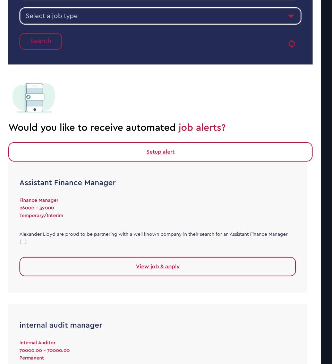 Image resolution: width=332 pixels, height=364 pixels. Describe the element at coordinates (153, 237) in the screenshot. I see `'Alexander Lloyd are proud to be partnering with a well known company in their search for an Assistant Finance Manager […]'` at that location.